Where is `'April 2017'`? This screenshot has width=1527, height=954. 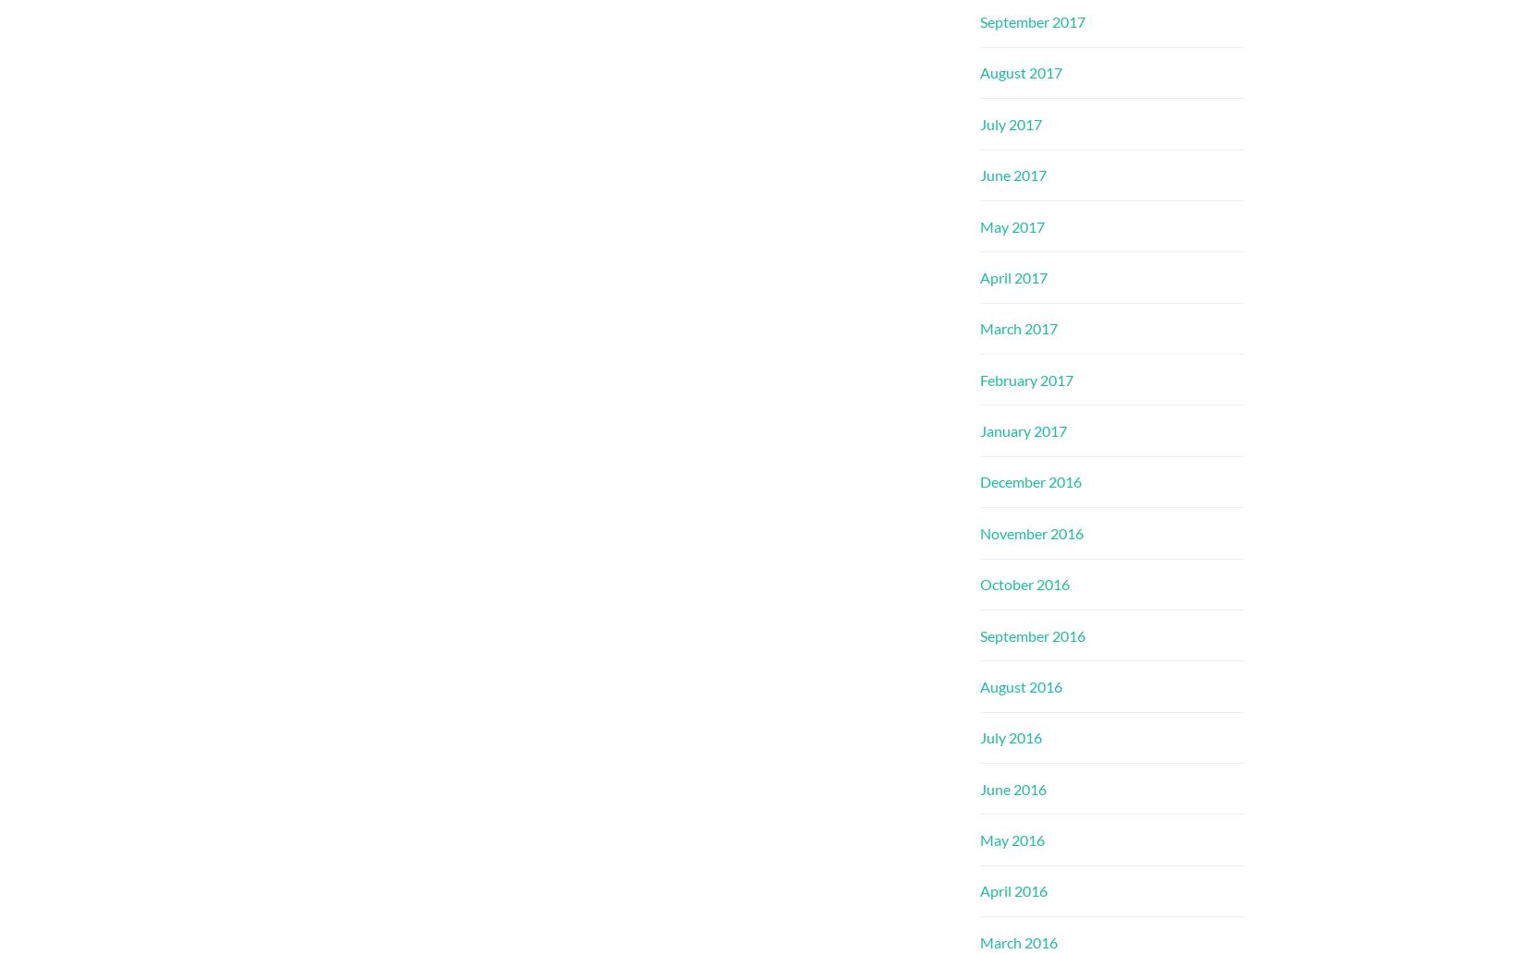
'April 2017' is located at coordinates (1012, 275).